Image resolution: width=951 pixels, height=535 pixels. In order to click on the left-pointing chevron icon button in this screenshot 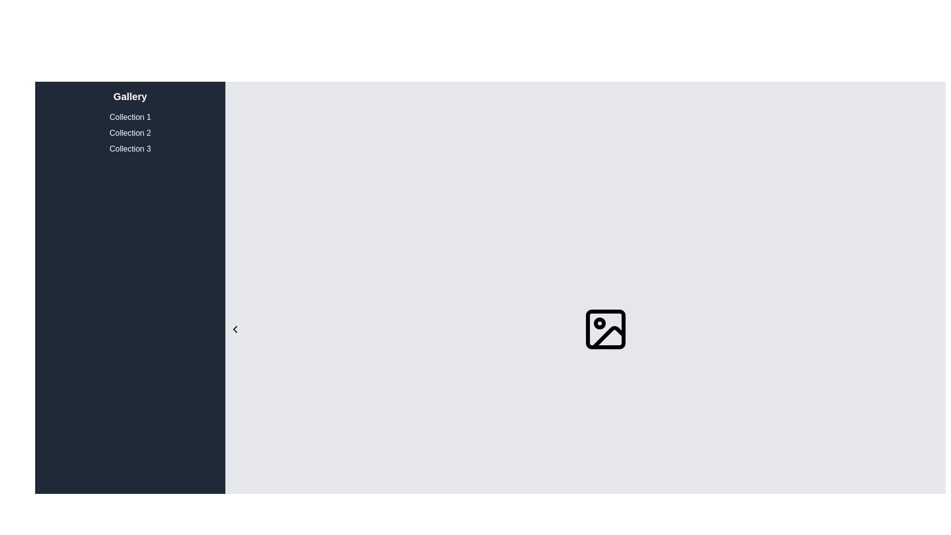, I will do `click(235, 329)`.